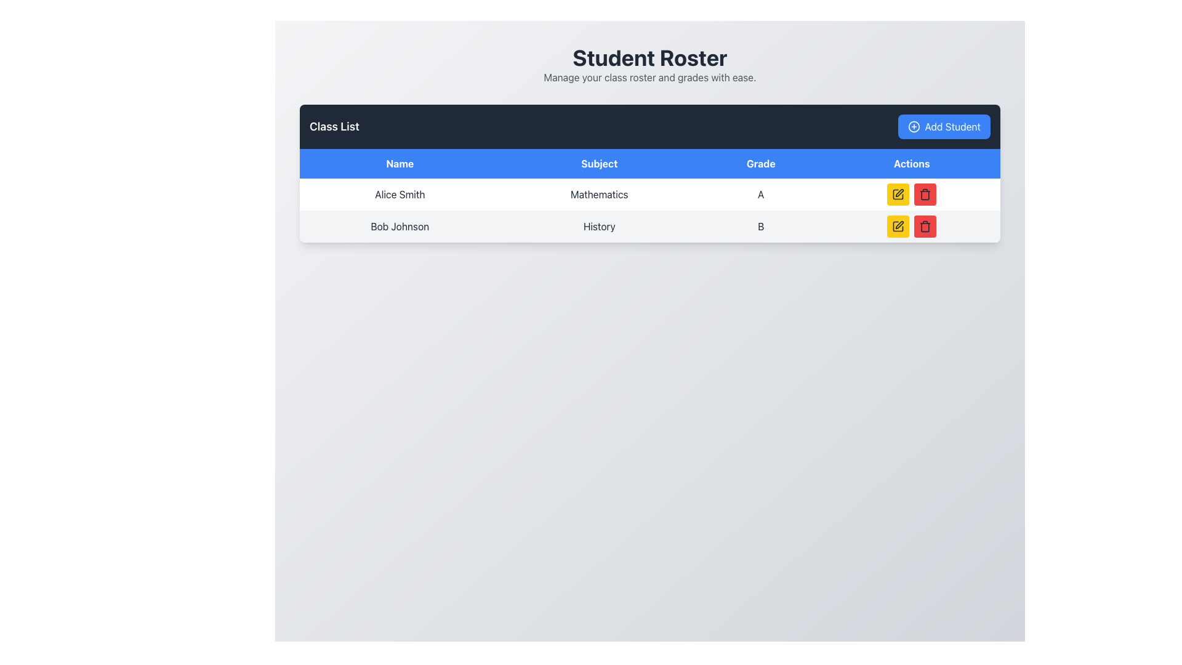 This screenshot has width=1182, height=665. I want to click on the yellow rectangular button with rounded corners containing a black pencil icon, located in the 'Actions' column next to the red trash bin icon for 'Bob Johnson', so click(898, 194).